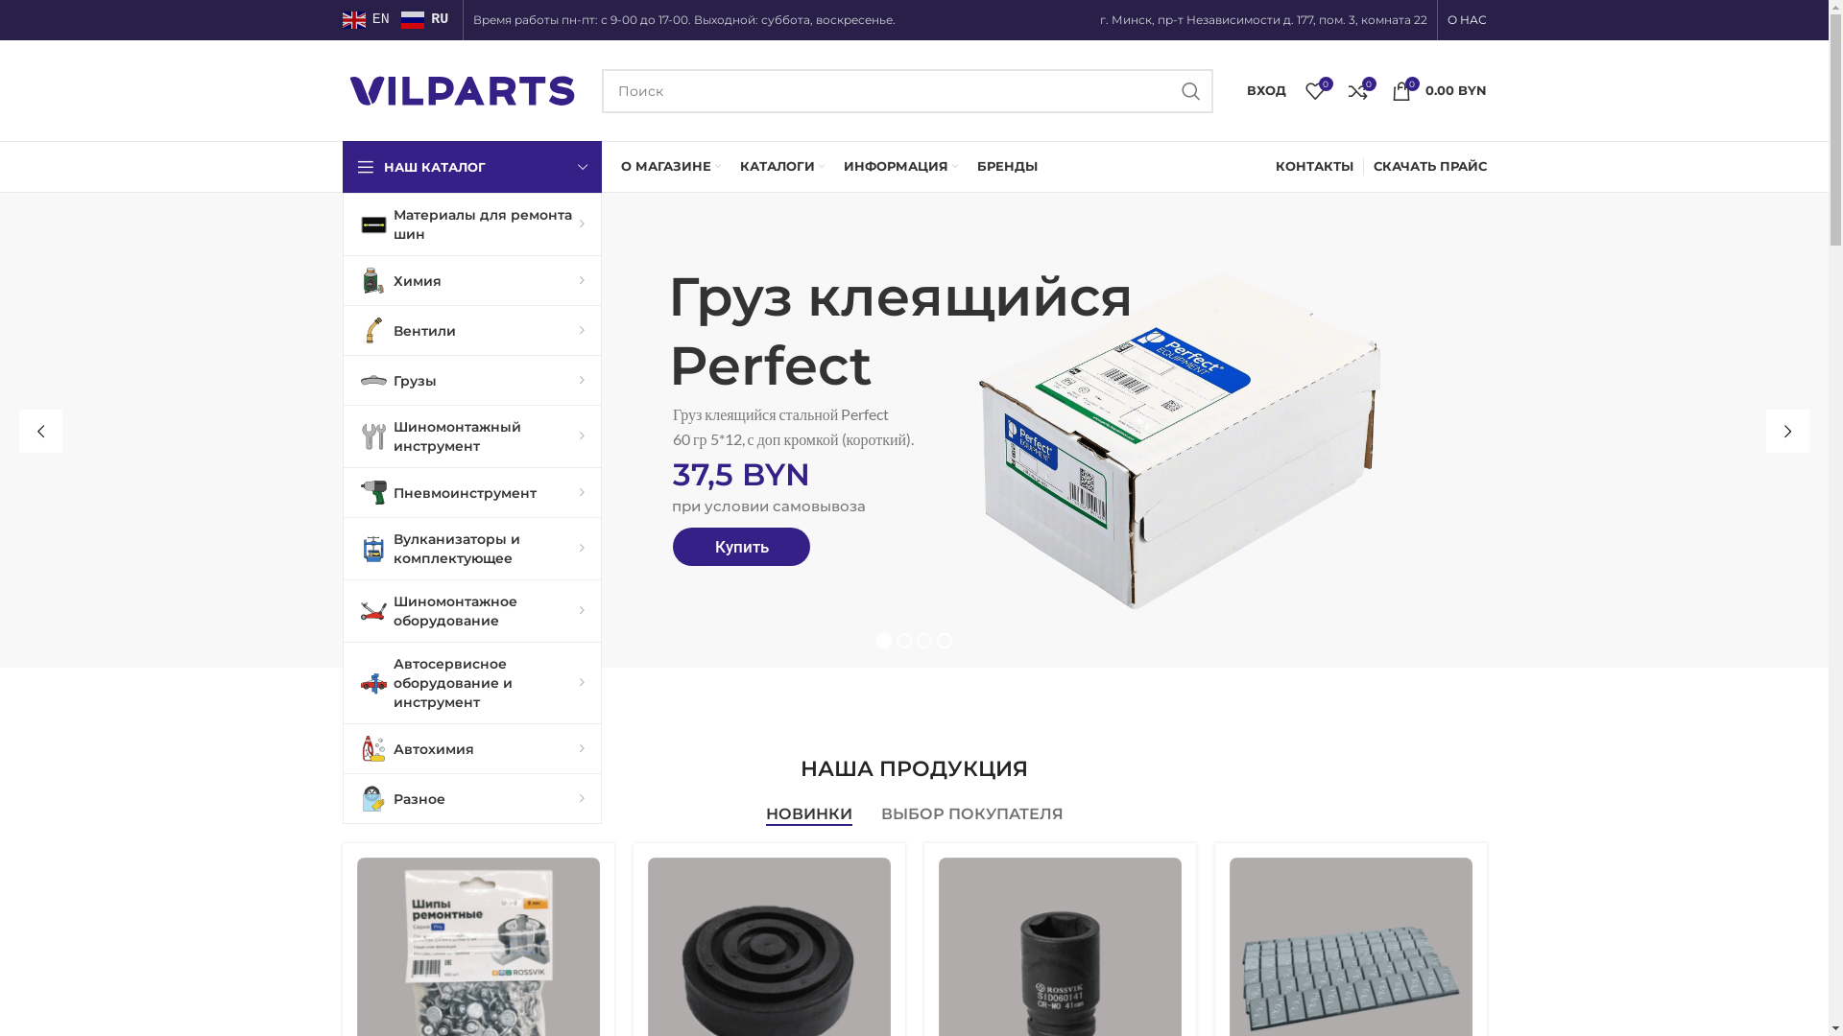  What do you see at coordinates (1313, 89) in the screenshot?
I see `'0'` at bounding box center [1313, 89].